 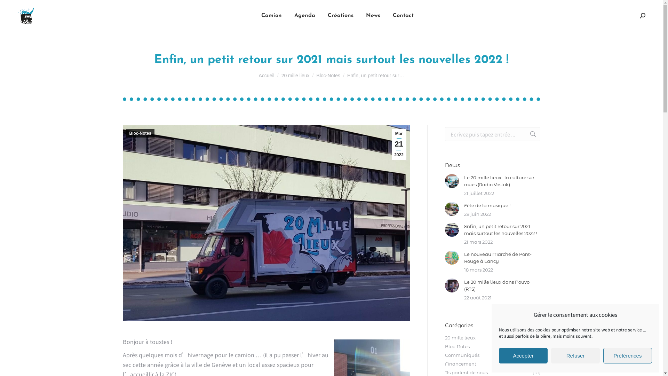 What do you see at coordinates (529, 134) in the screenshot?
I see `'Aller !'` at bounding box center [529, 134].